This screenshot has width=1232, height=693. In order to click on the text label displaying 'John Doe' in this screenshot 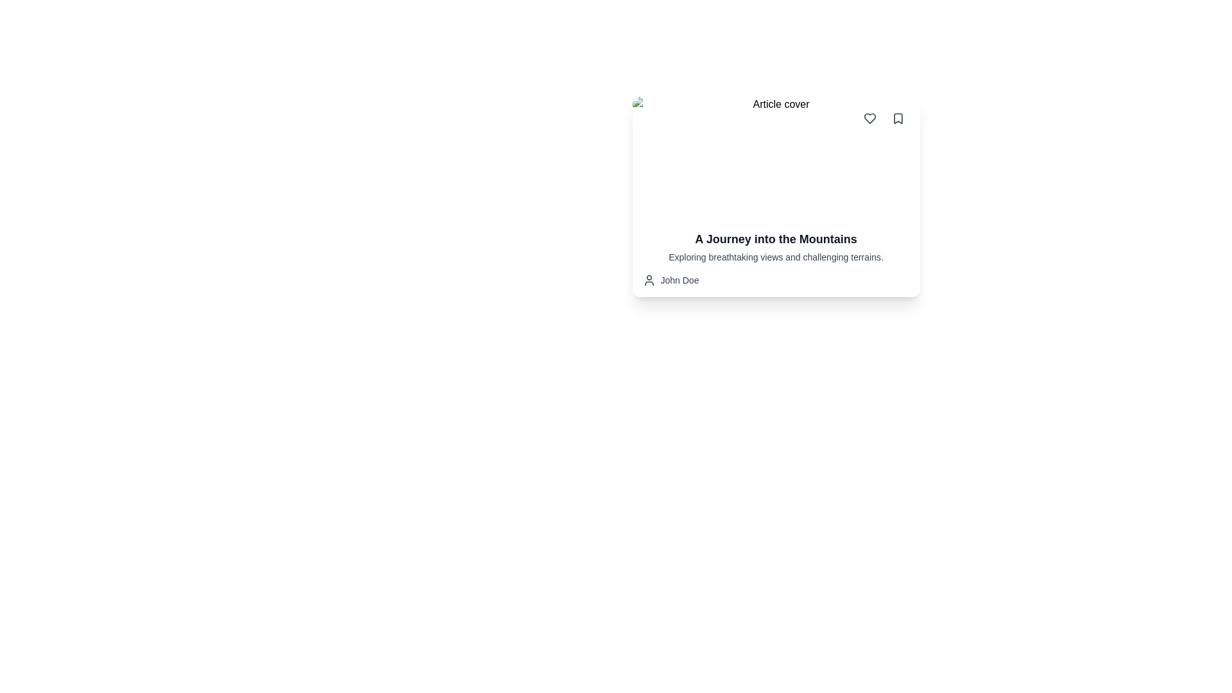, I will do `click(679, 279)`.